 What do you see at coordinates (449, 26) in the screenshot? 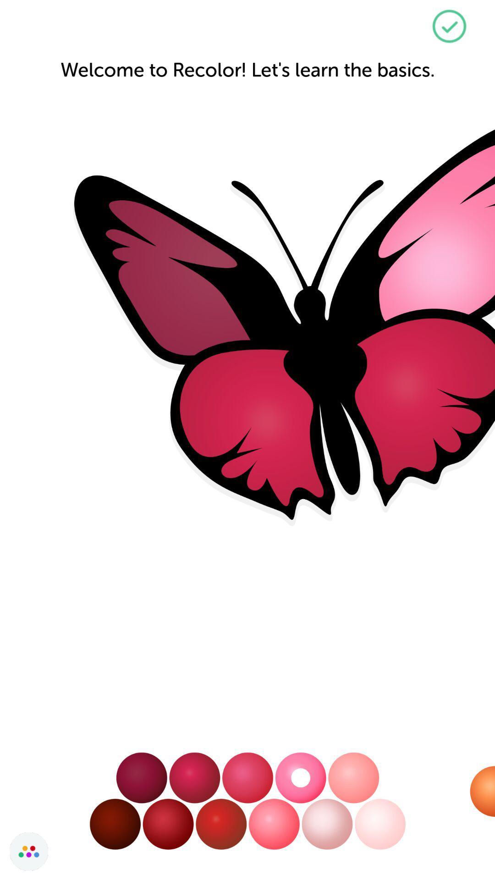
I see `the check icon` at bounding box center [449, 26].